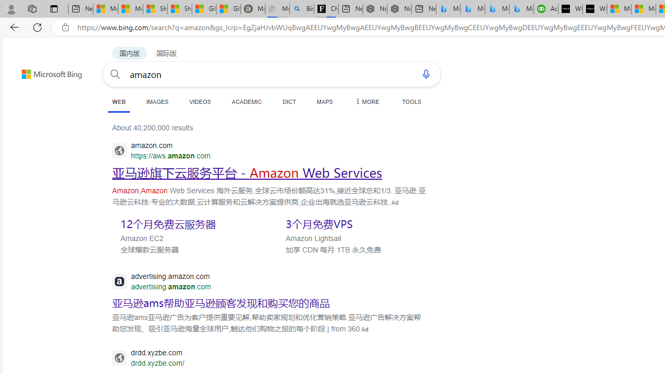 The height and width of the screenshot is (374, 665). What do you see at coordinates (324, 101) in the screenshot?
I see `'MAPS'` at bounding box center [324, 101].